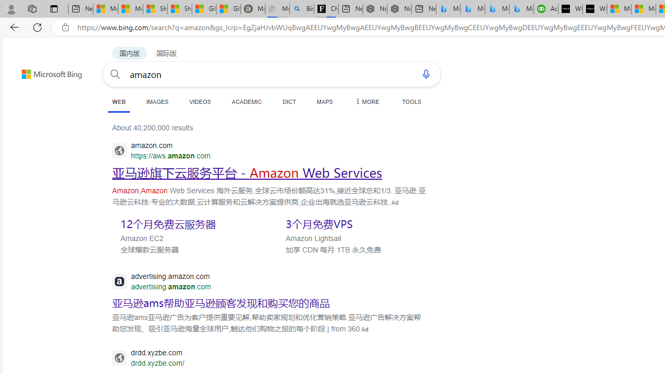 The height and width of the screenshot is (374, 665). What do you see at coordinates (324, 101) in the screenshot?
I see `'MAPS'` at bounding box center [324, 101].